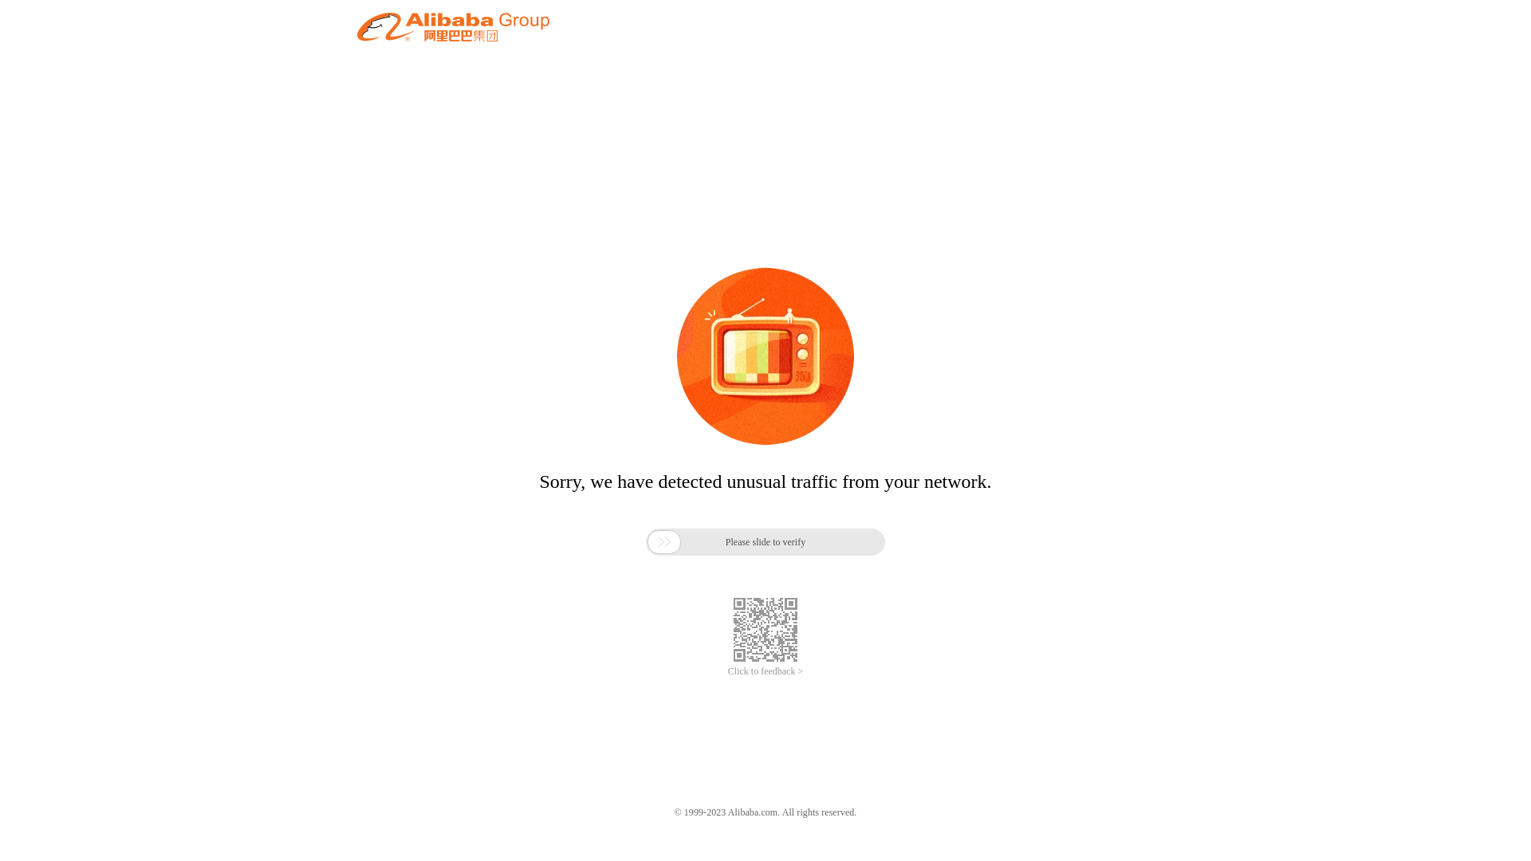 This screenshot has width=1531, height=861. What do you see at coordinates (765, 671) in the screenshot?
I see `'Click to feedback >'` at bounding box center [765, 671].